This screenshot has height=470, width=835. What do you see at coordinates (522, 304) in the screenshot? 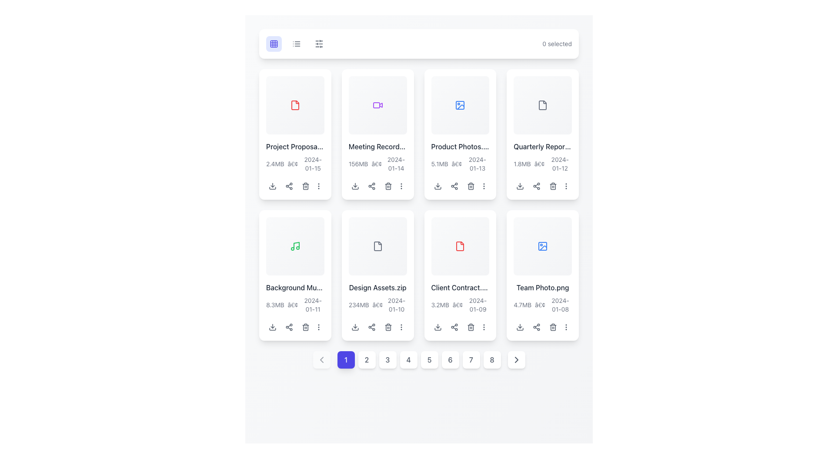
I see `the static text label displaying '4.7MB' located in the lower part of the card labeled 'Team Photo.png'` at bounding box center [522, 304].